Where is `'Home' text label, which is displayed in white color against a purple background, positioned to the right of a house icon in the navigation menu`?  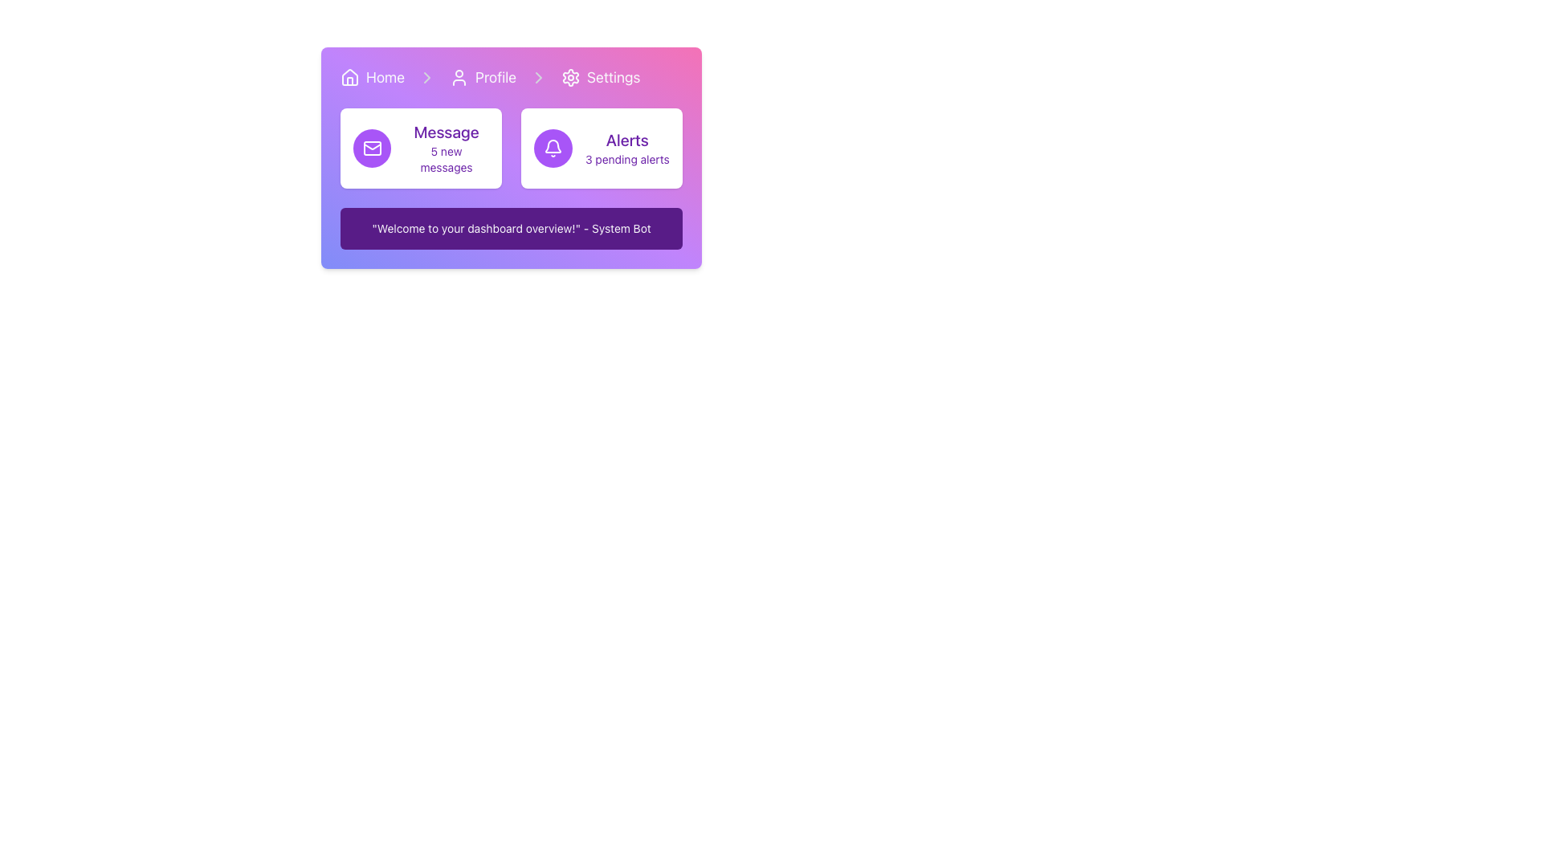
'Home' text label, which is displayed in white color against a purple background, positioned to the right of a house icon in the navigation menu is located at coordinates (385, 77).